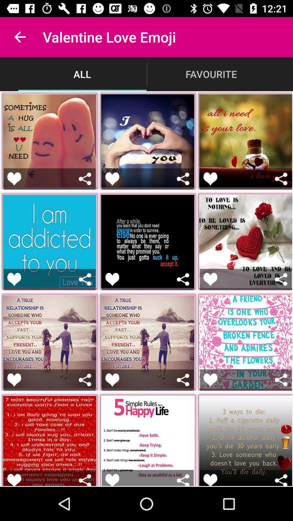 Image resolution: width=293 pixels, height=521 pixels. I want to click on an image, so click(14, 179).